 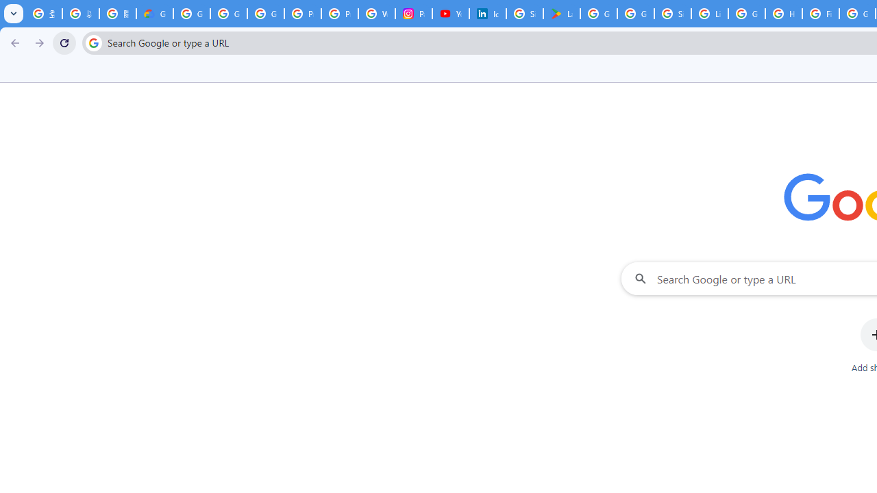 I want to click on 'Sign in - Google Accounts', so click(x=524, y=14).